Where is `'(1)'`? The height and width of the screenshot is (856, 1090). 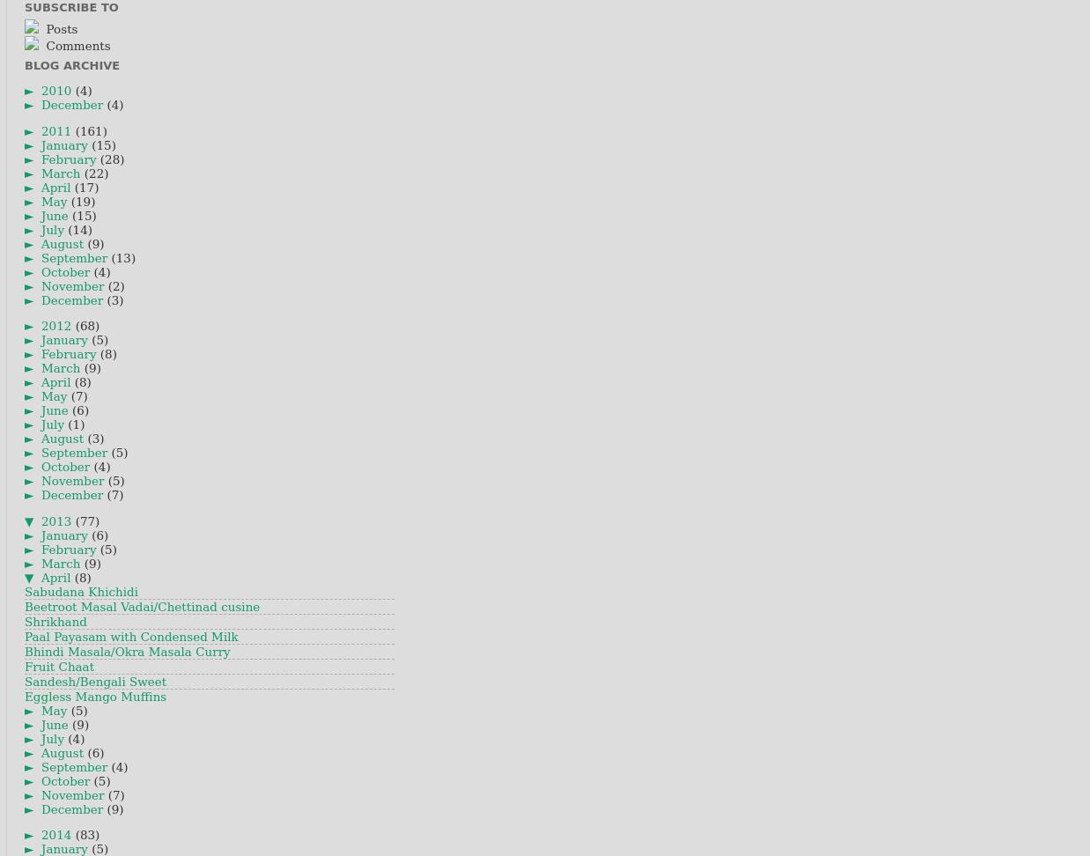 '(1)' is located at coordinates (75, 424).